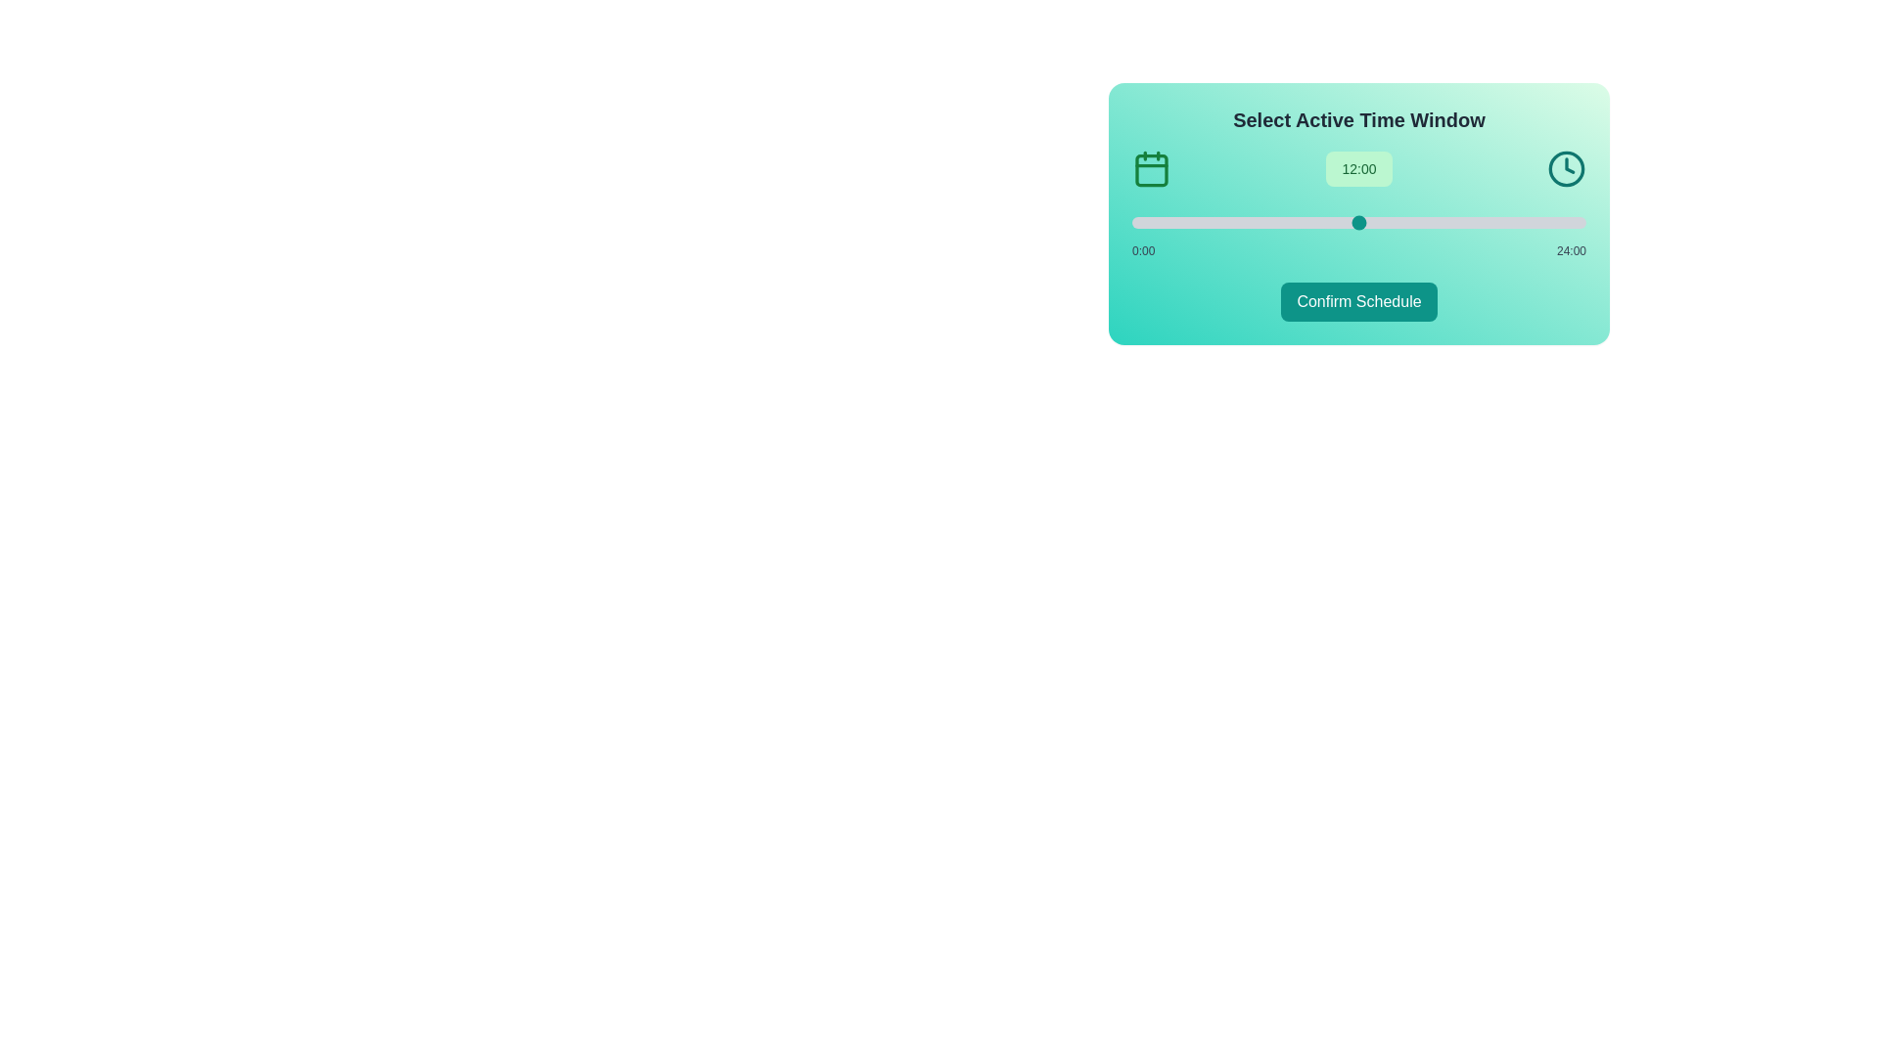  What do you see at coordinates (1169, 221) in the screenshot?
I see `the slider to set the time to 2 hours` at bounding box center [1169, 221].